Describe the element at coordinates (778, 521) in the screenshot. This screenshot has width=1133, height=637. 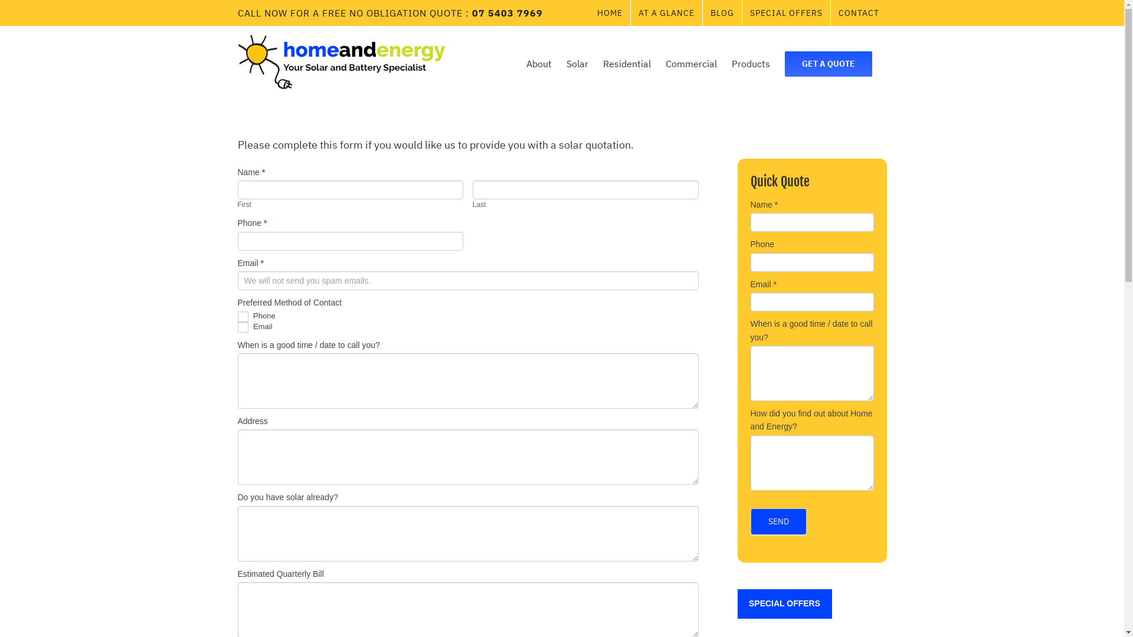
I see `'SEND'` at that location.